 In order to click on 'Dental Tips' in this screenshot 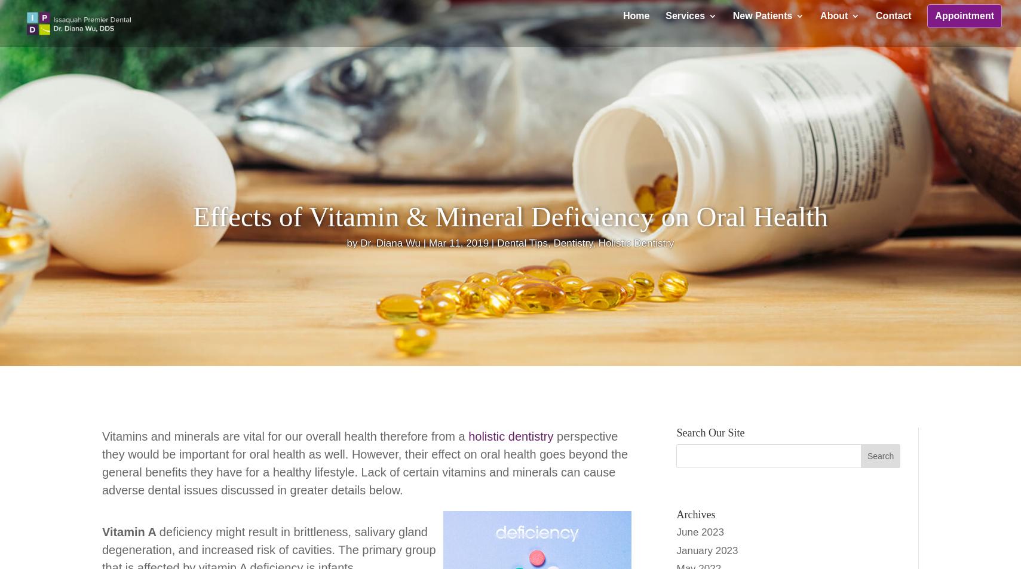, I will do `click(522, 242)`.